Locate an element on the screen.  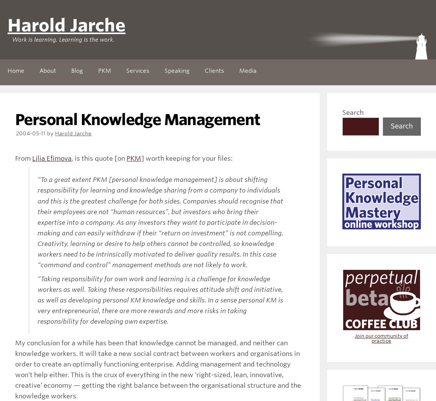
'My conclusion for a while has been that knowledge cannot be managed, and neither can knowledge workers. It will take a new social contract between workers and organisations in order to create an optimally functioning enterprise. Adding management and technology won’t help either. This is the crux of everything in the new ‘right-sized, lean, innovative, creative’ economy — getting the right balance between the organisational structure and the knowledge workers.' is located at coordinates (158, 369).